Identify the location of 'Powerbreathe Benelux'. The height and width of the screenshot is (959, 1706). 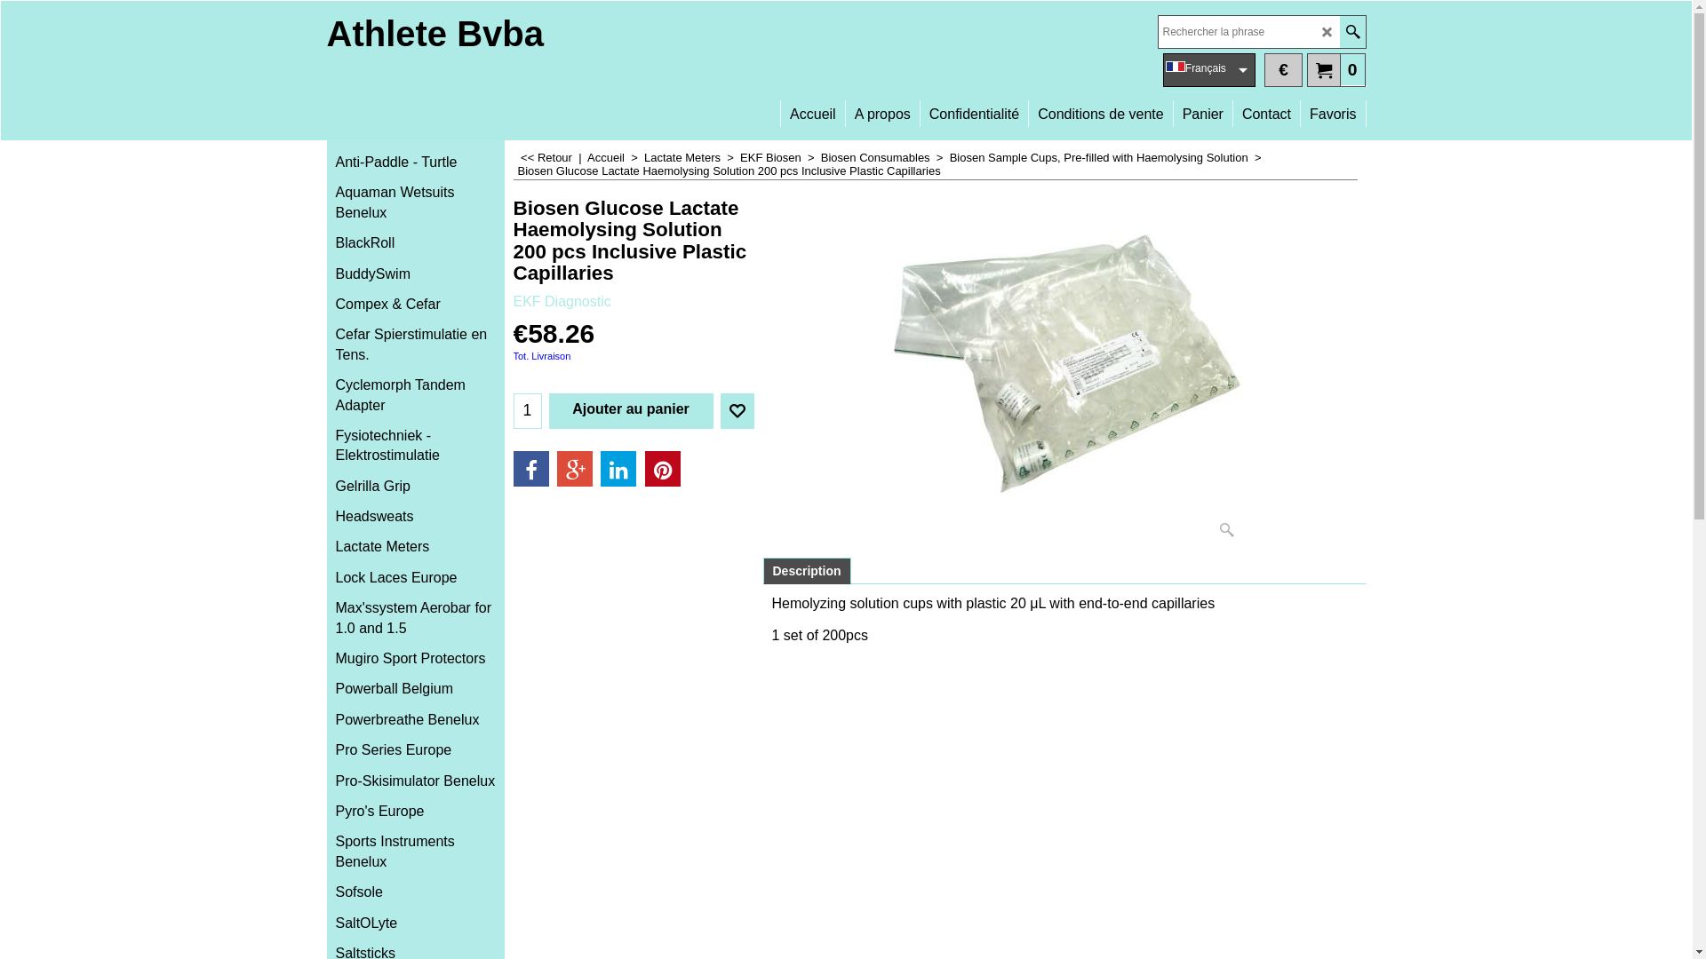
(415, 719).